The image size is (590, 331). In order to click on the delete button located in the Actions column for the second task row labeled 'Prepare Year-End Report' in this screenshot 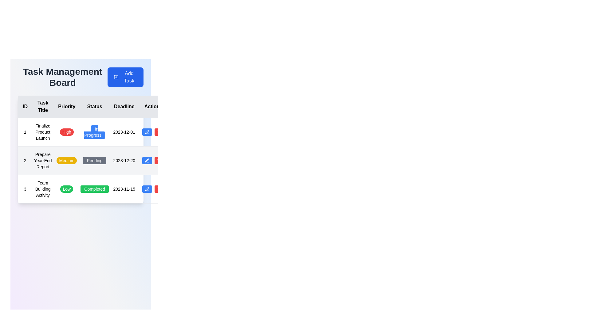, I will do `click(159, 160)`.